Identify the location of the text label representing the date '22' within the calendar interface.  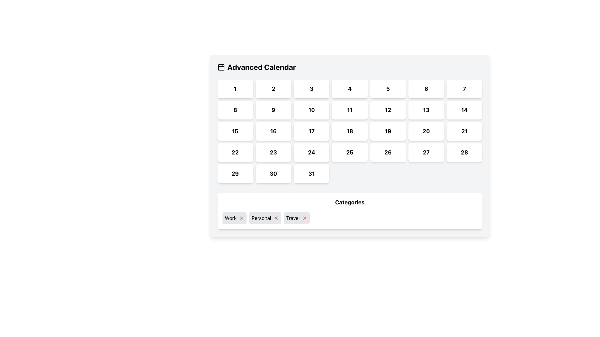
(235, 152).